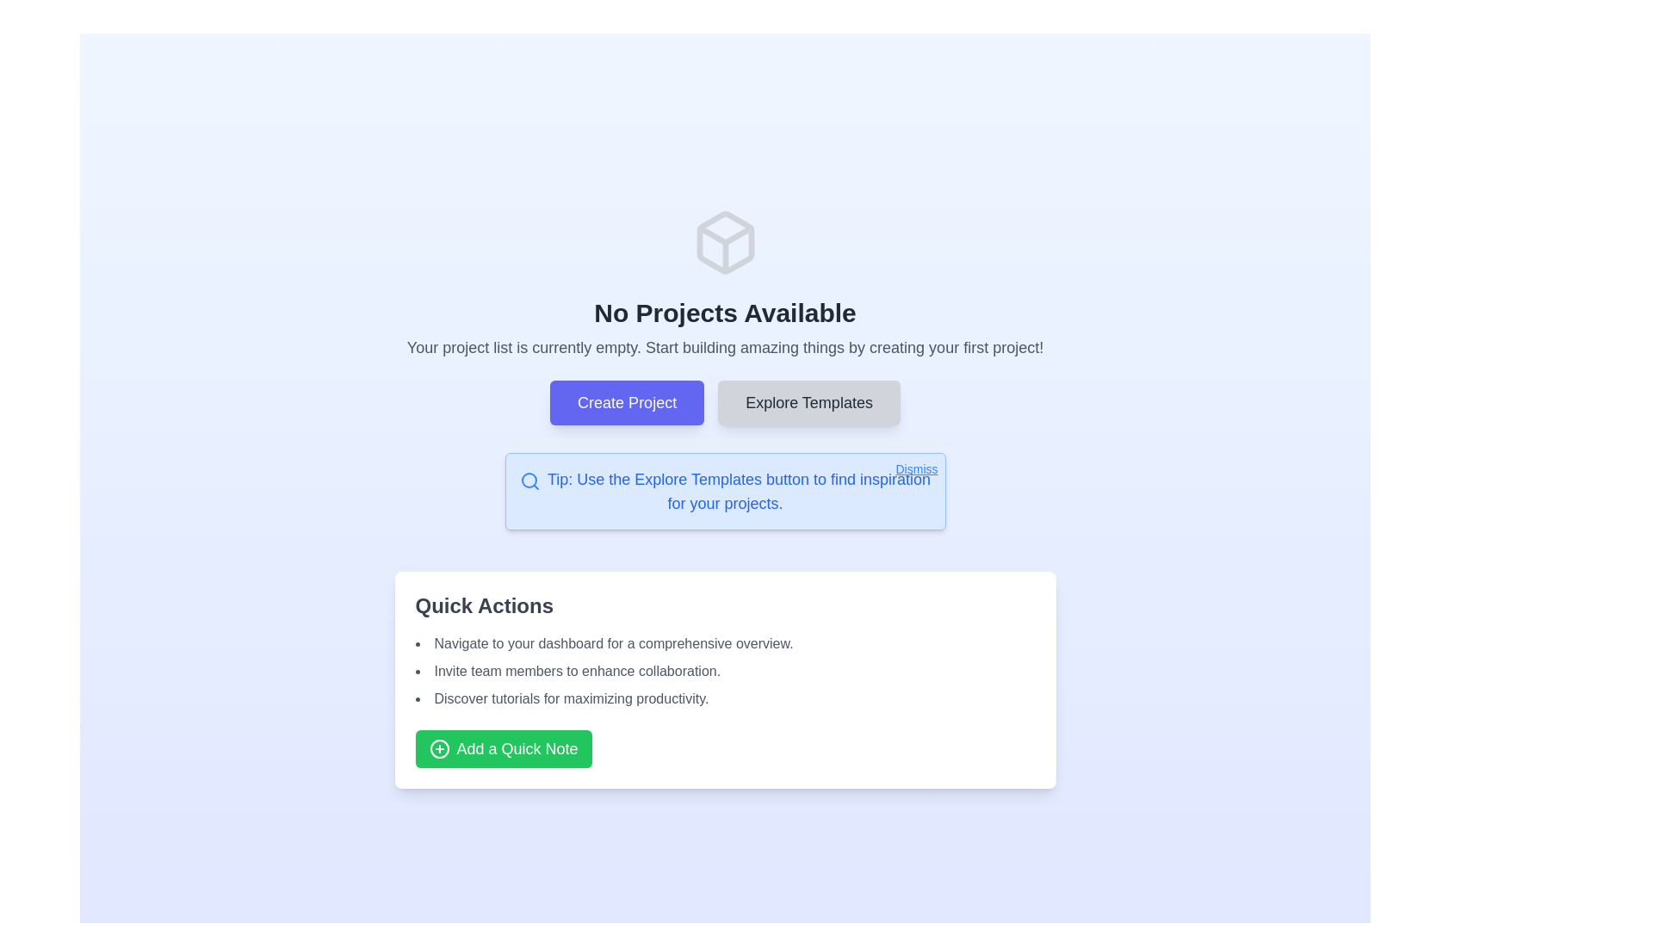 The image size is (1653, 930). What do you see at coordinates (626, 402) in the screenshot?
I see `the rectangular button with a purple background and white text labeled 'Create Project' to initiate project creation` at bounding box center [626, 402].